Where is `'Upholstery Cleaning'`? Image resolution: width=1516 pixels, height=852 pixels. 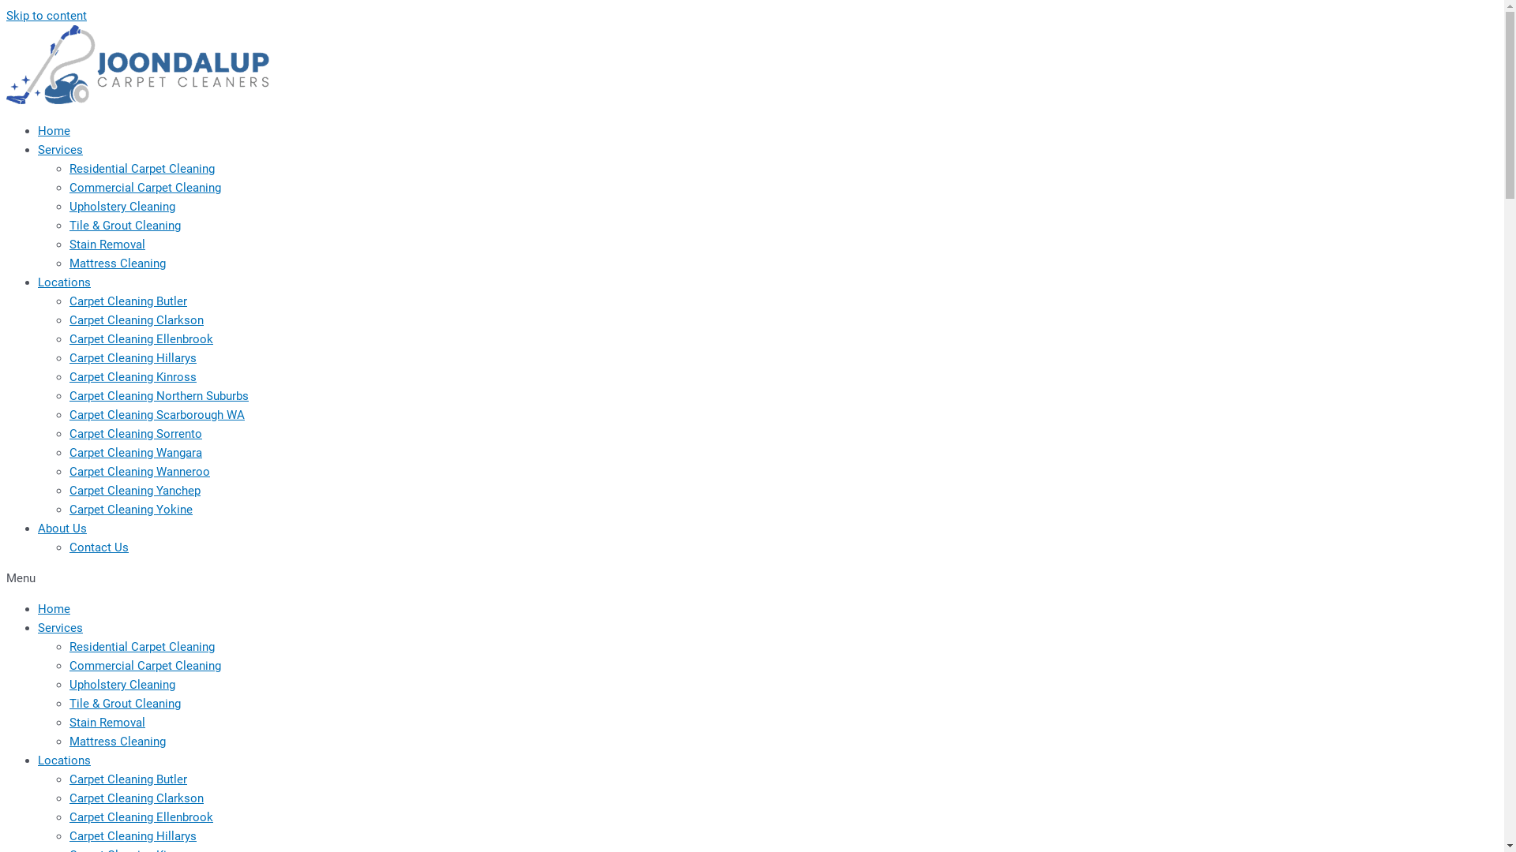 'Upholstery Cleaning' is located at coordinates (121, 683).